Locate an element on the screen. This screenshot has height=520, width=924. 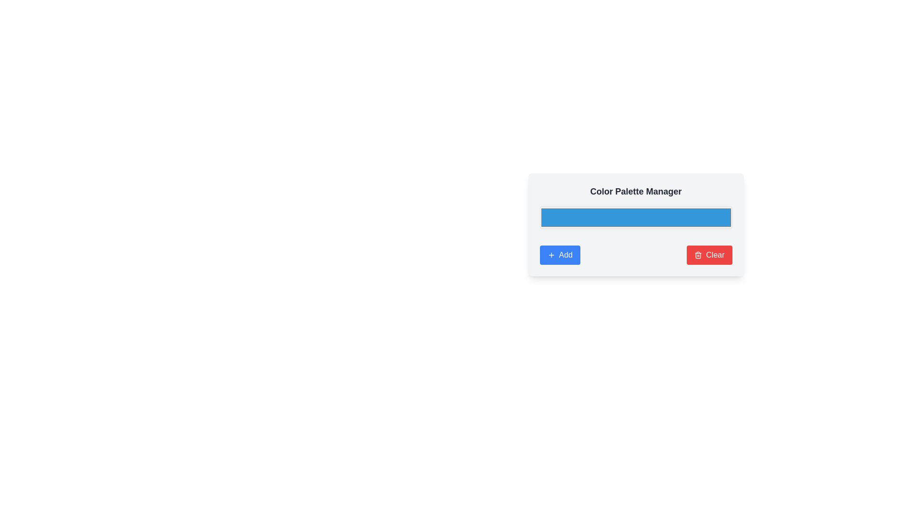
the Color Display Area, which is a rectangular section with a bright blue background located under the 'Color Palette Manager' title is located at coordinates (636, 224).